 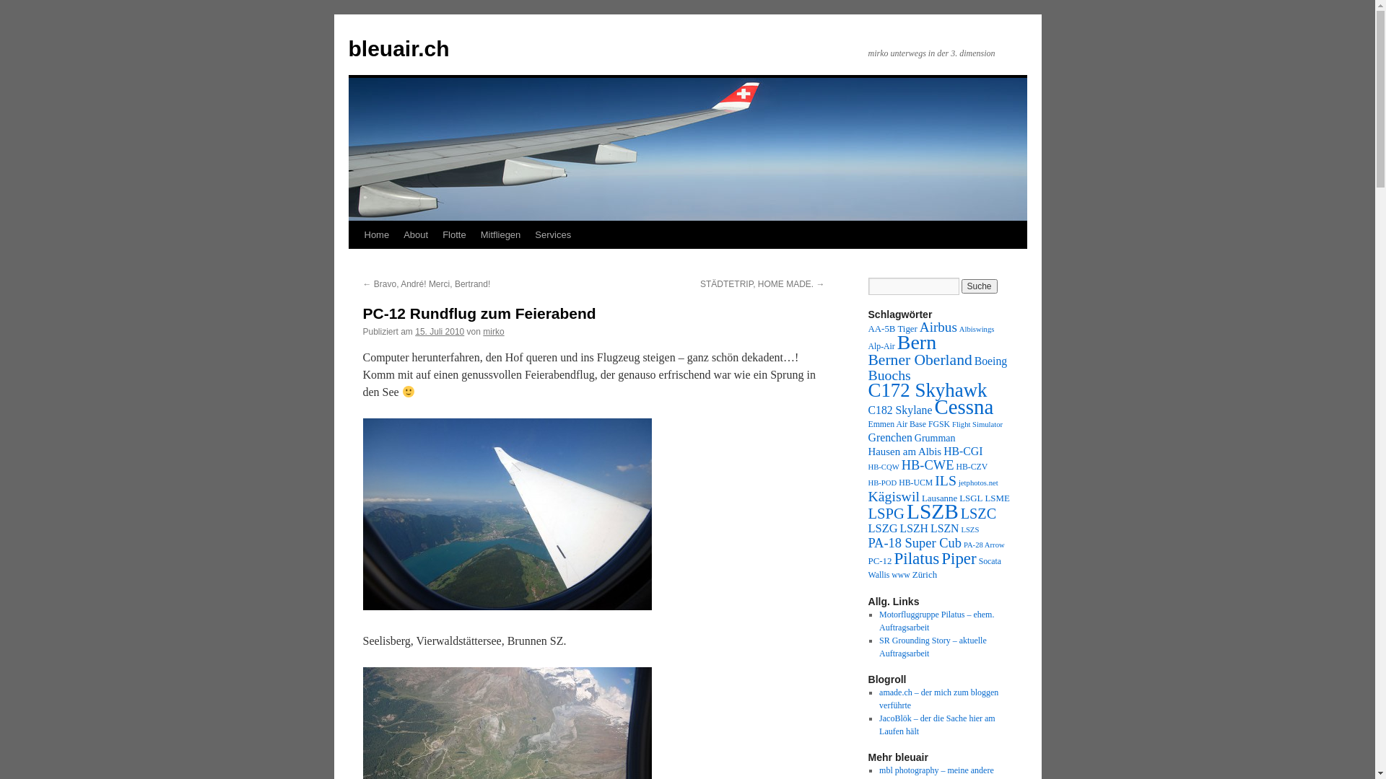 I want to click on 'LSZB', so click(x=932, y=511).